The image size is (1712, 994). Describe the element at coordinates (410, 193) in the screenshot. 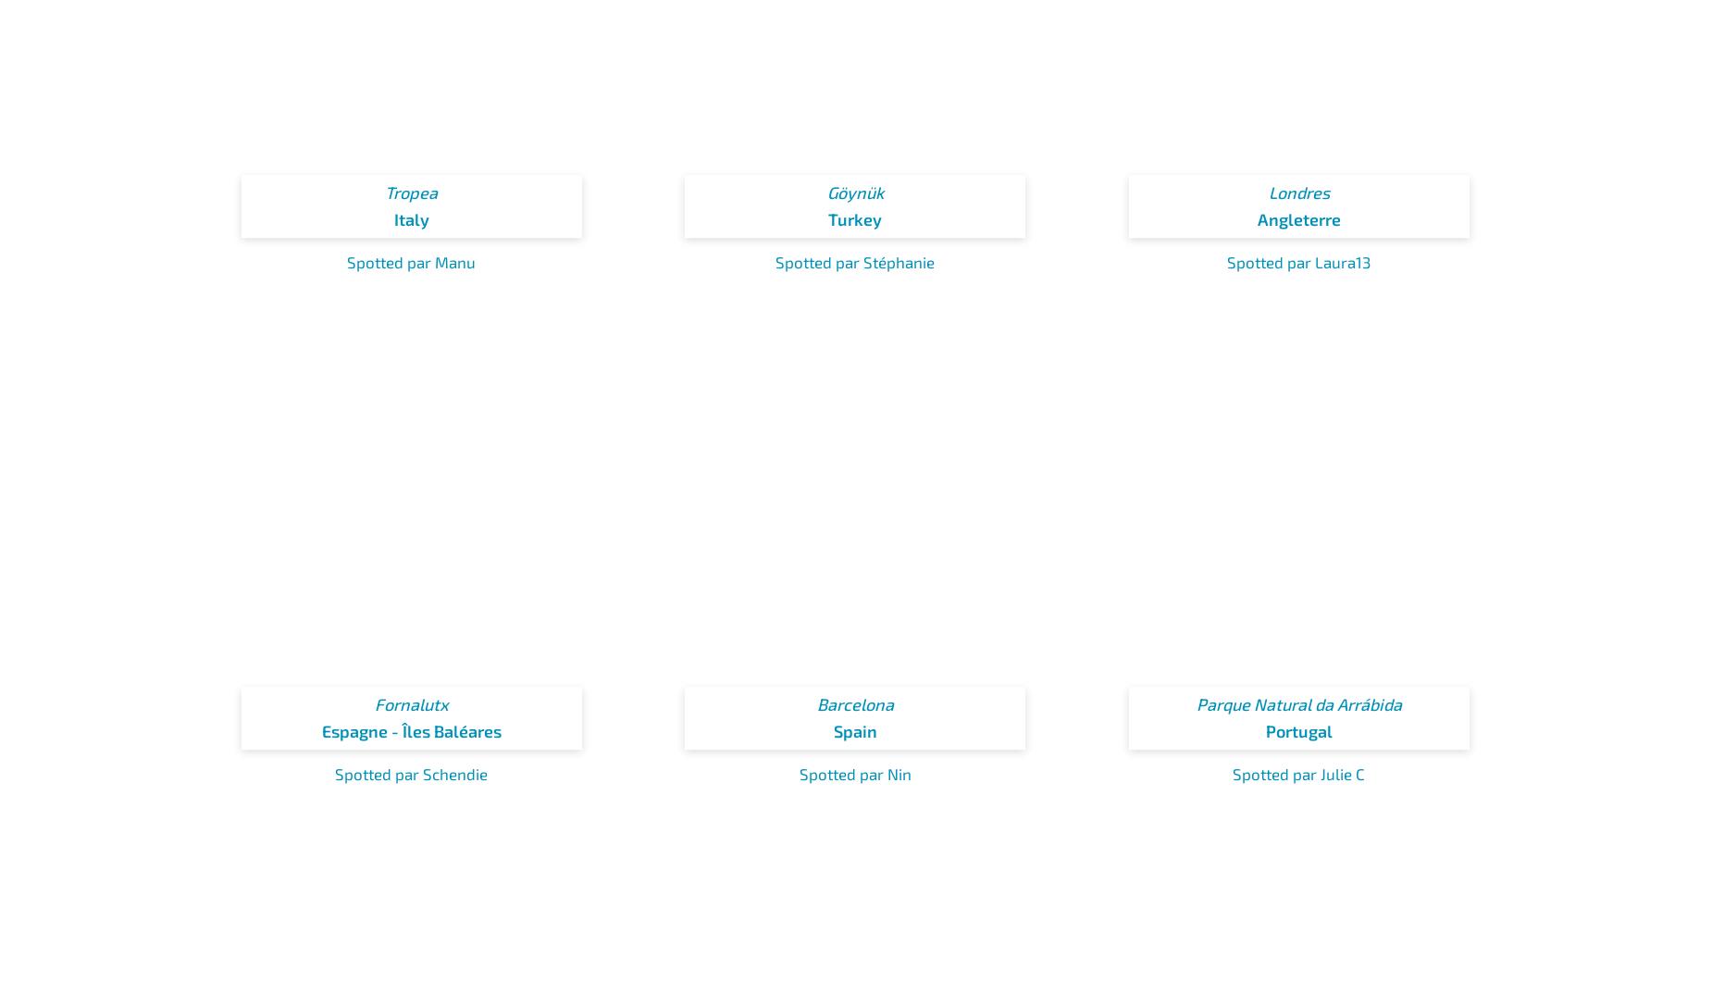

I see `'Tropea'` at that location.